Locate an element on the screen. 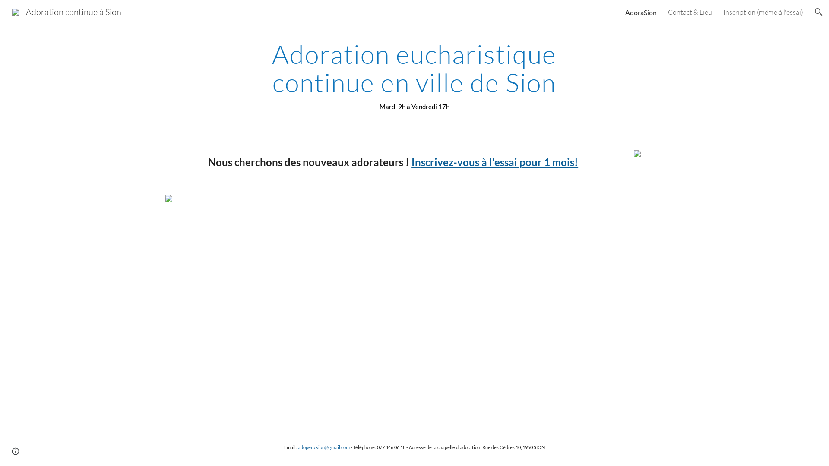 This screenshot has height=466, width=829. 'Contact & Lieu' is located at coordinates (667, 12).